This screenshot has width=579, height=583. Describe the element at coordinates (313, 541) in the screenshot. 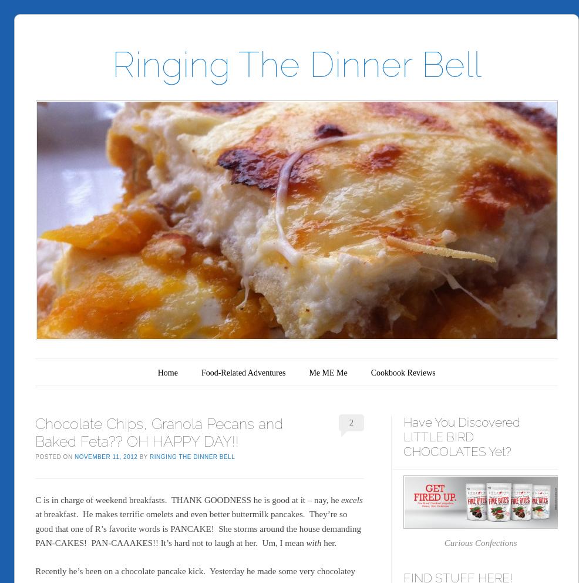

I see `'with'` at that location.